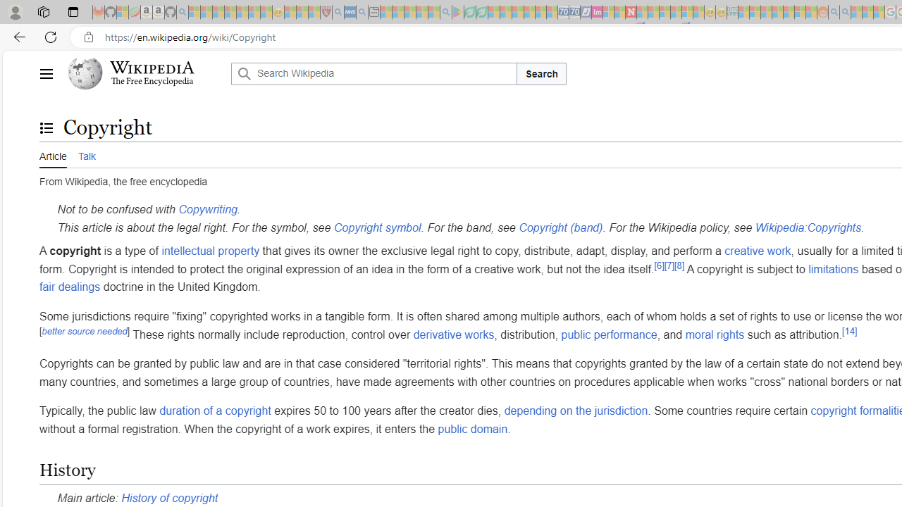 This screenshot has width=902, height=507. What do you see at coordinates (848, 331) in the screenshot?
I see `'[14]'` at bounding box center [848, 331].